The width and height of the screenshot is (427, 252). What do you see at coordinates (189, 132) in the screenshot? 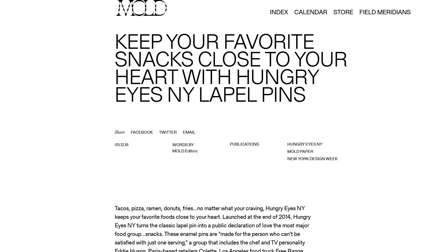
I see `'Email'` at bounding box center [189, 132].